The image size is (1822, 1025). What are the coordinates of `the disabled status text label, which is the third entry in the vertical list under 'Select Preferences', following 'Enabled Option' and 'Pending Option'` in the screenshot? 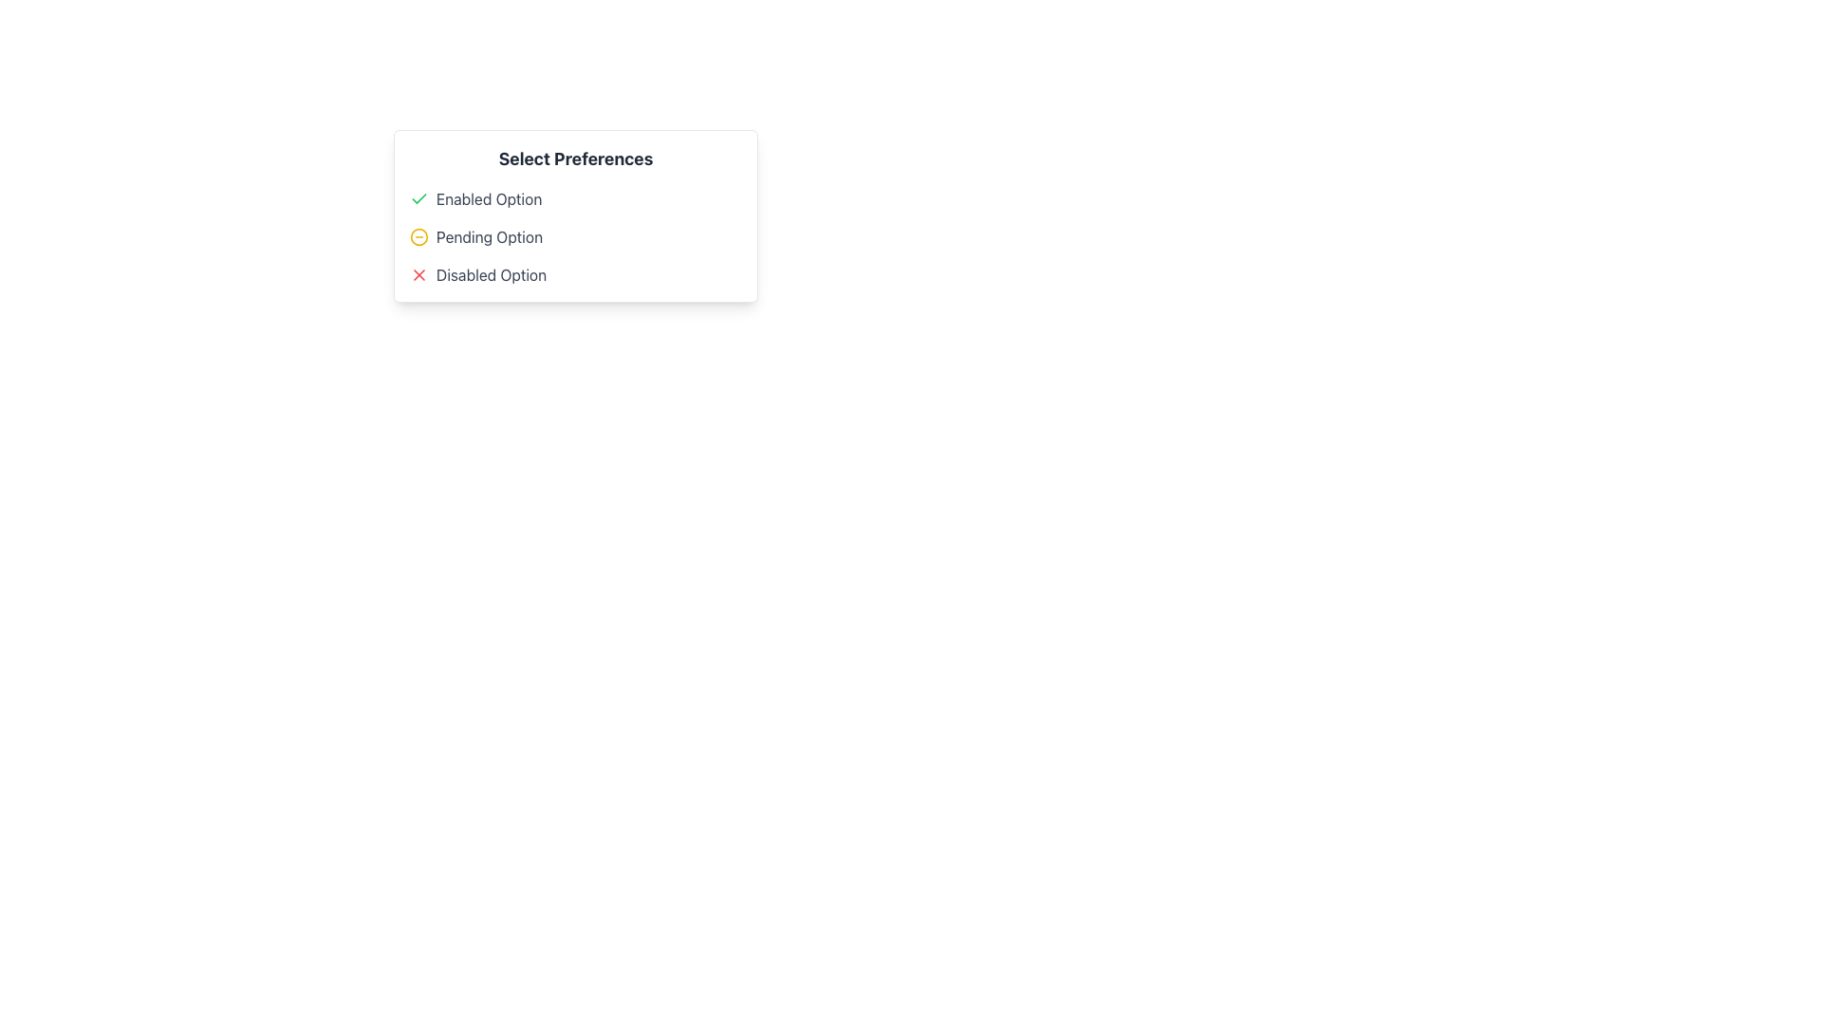 It's located at (492, 274).